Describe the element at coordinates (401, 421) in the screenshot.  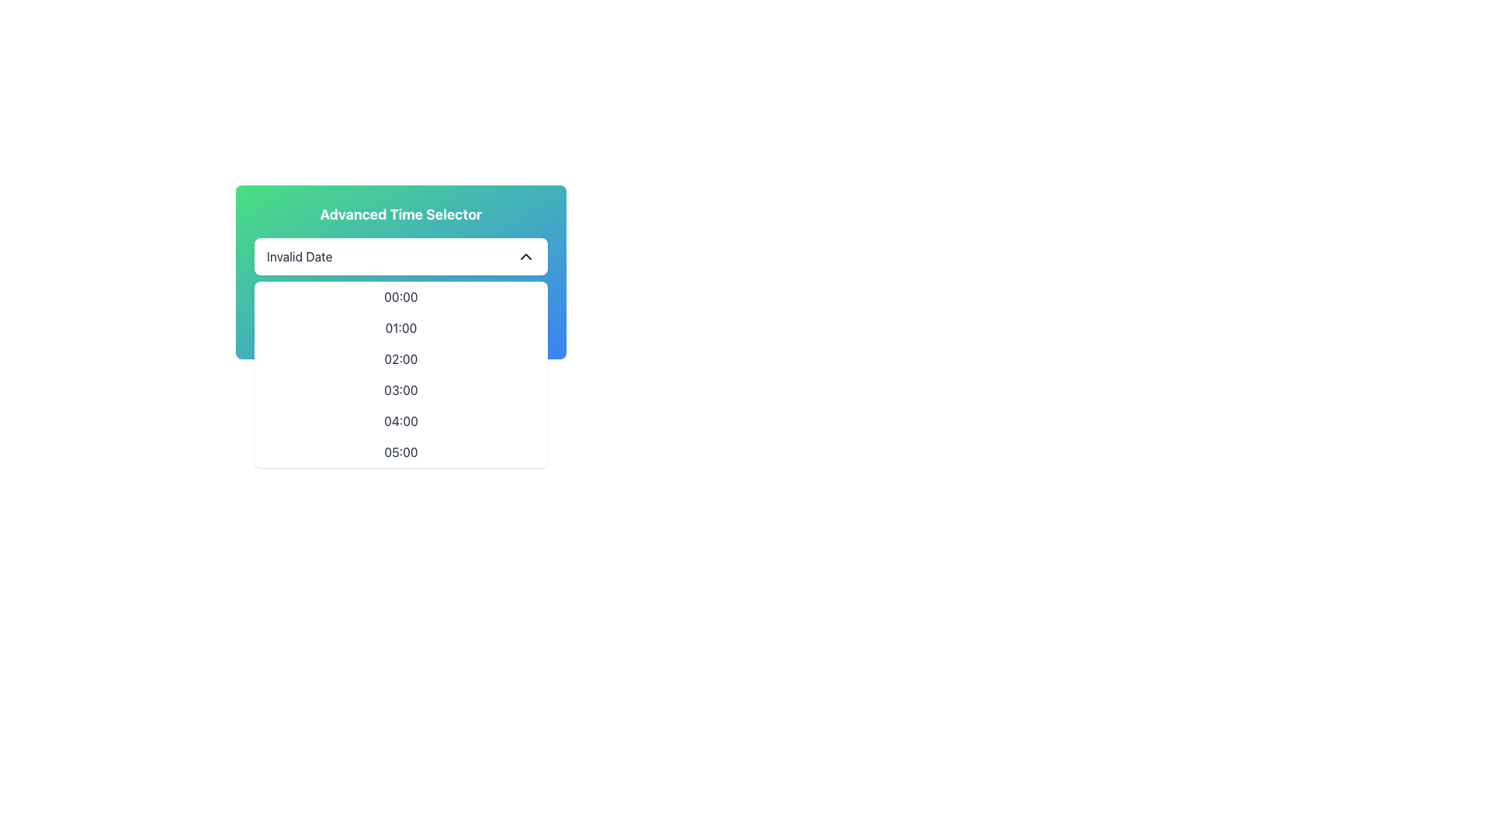
I see `the Text Label displaying the time '04:00' in the dropdown menu, which is the fifth item in a vertical list` at that location.